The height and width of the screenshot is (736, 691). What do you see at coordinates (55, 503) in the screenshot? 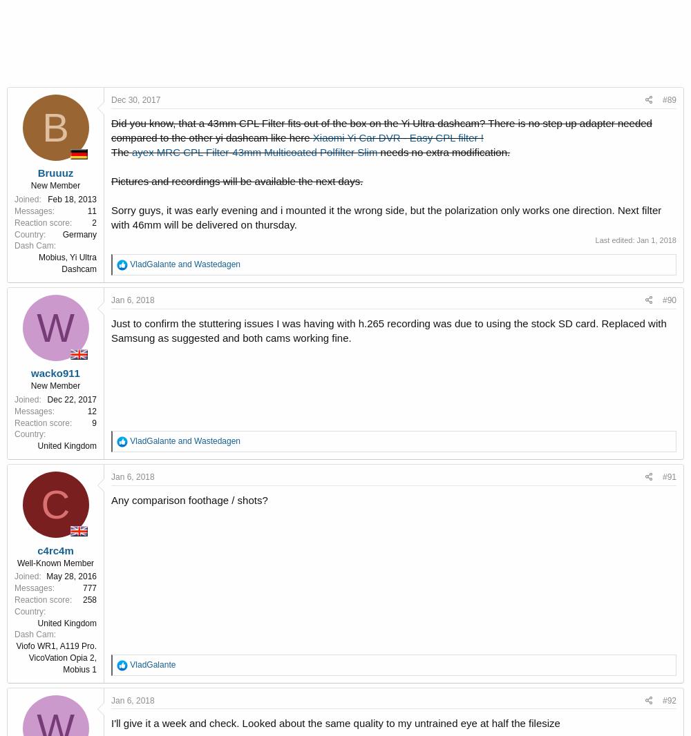
I see `'C'` at bounding box center [55, 503].